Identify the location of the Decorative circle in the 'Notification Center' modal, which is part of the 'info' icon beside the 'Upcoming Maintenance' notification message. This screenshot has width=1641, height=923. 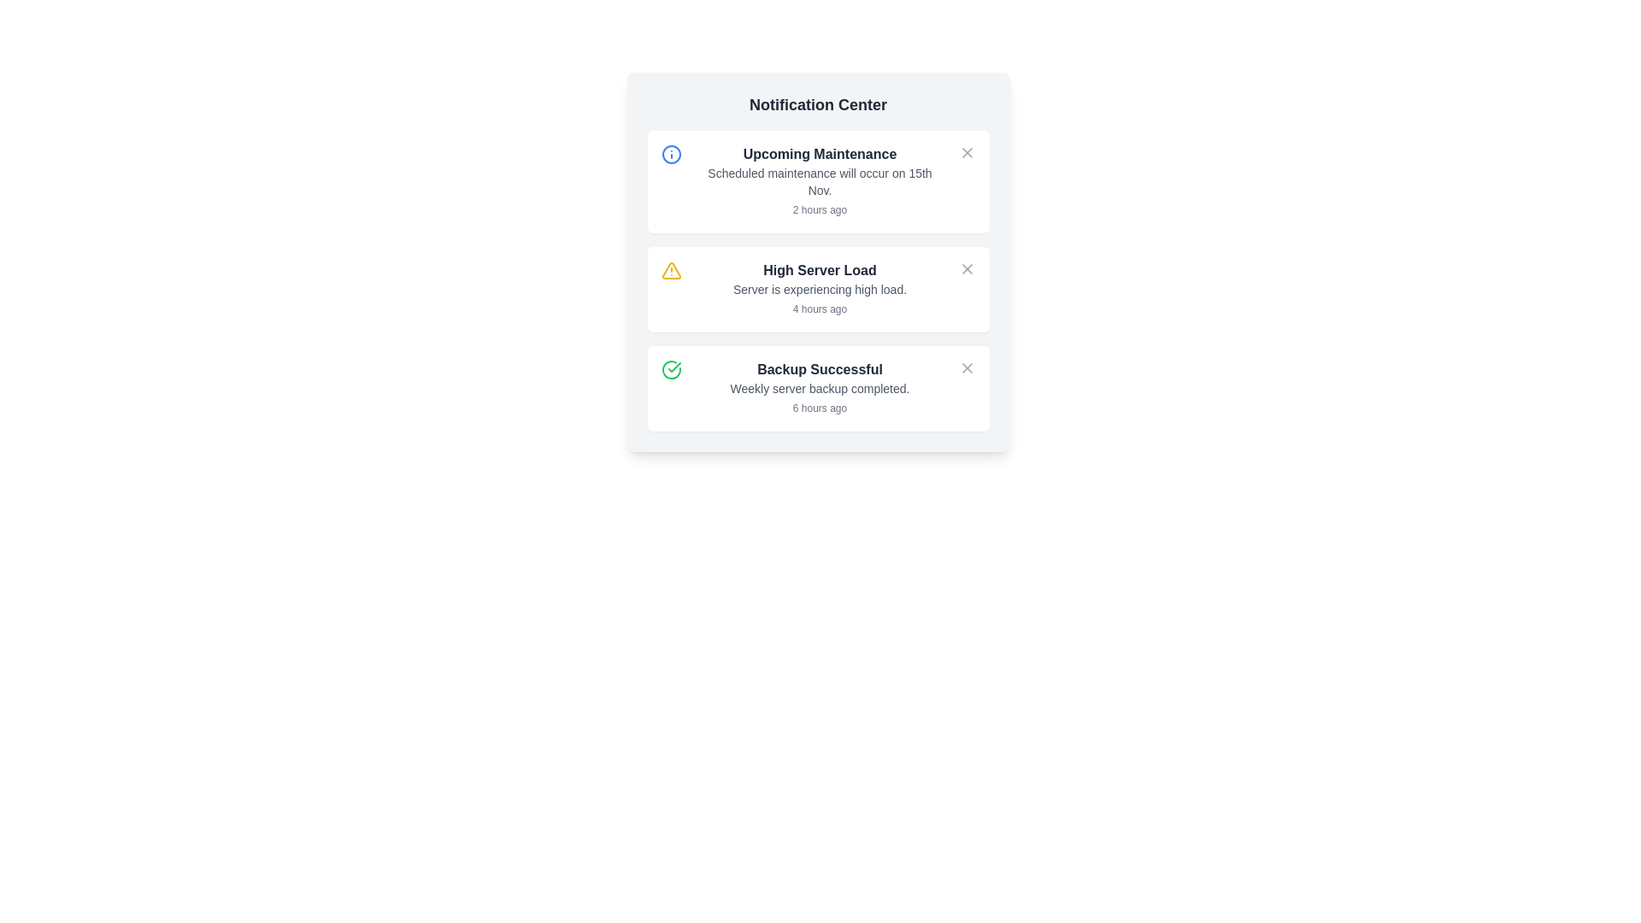
(670, 155).